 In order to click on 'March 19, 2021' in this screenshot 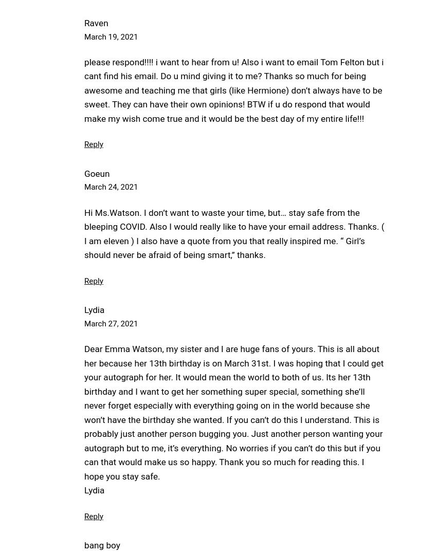, I will do `click(111, 36)`.